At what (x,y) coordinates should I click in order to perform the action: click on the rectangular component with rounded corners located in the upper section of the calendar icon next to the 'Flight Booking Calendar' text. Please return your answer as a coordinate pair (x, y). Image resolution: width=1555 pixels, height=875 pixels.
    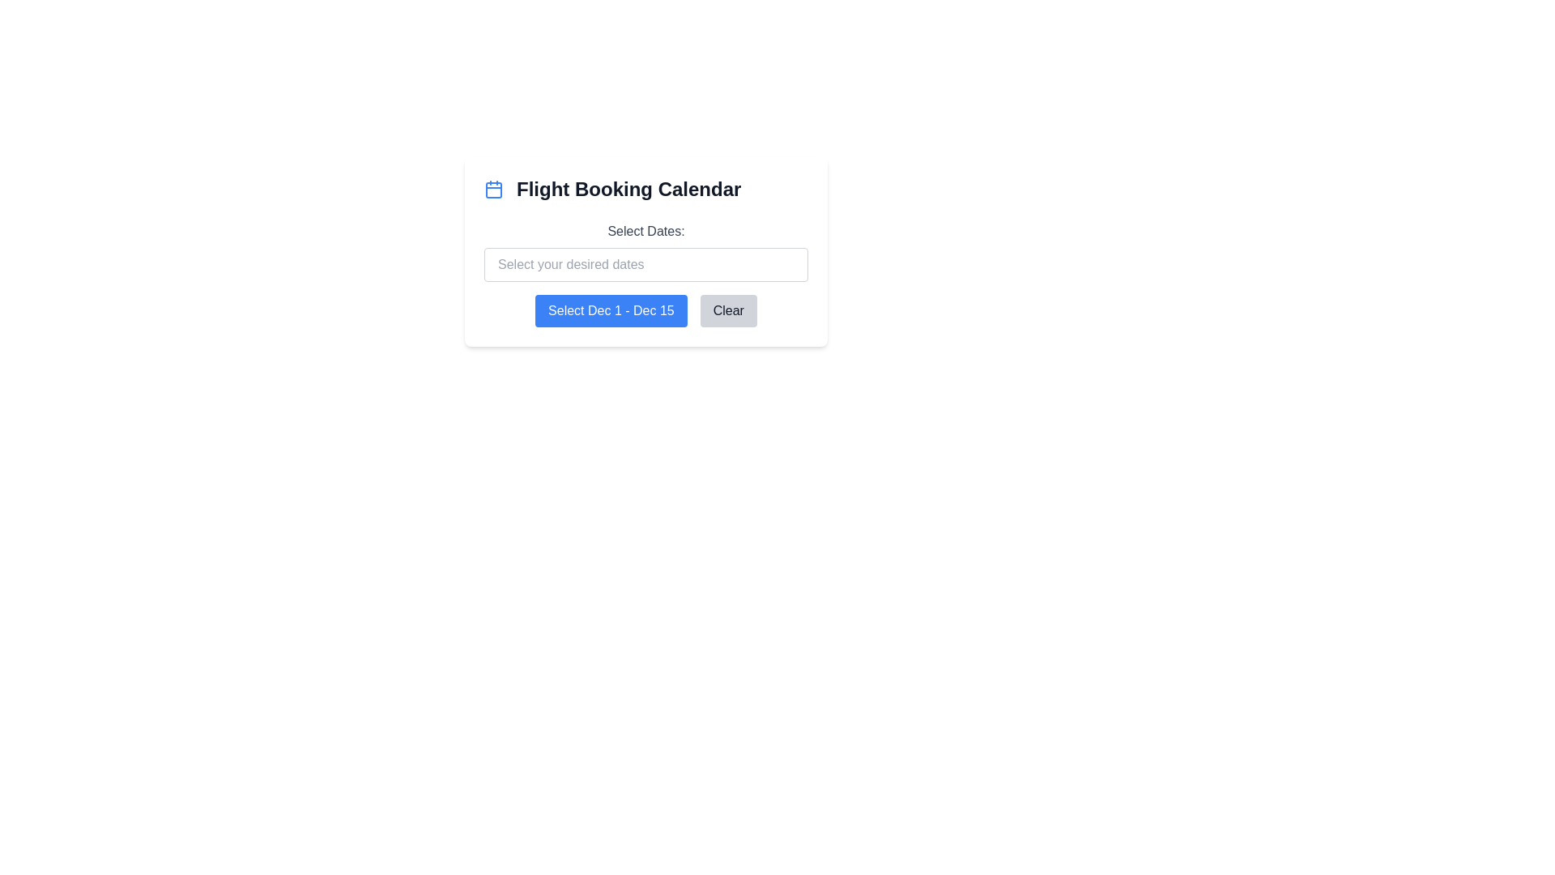
    Looking at the image, I should click on (492, 190).